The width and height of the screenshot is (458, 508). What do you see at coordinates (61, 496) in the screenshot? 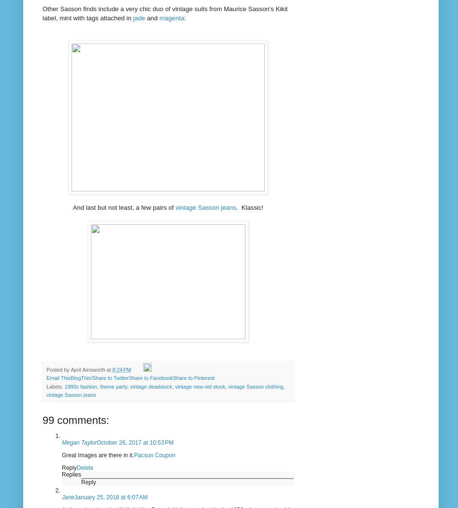
I see `'Jane'` at bounding box center [61, 496].